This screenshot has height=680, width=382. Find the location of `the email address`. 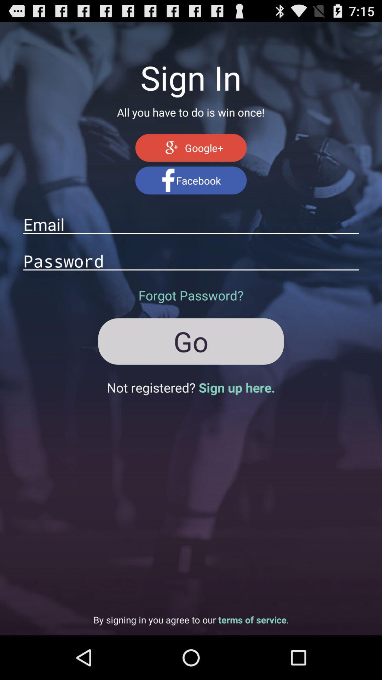

the email address is located at coordinates (191, 224).